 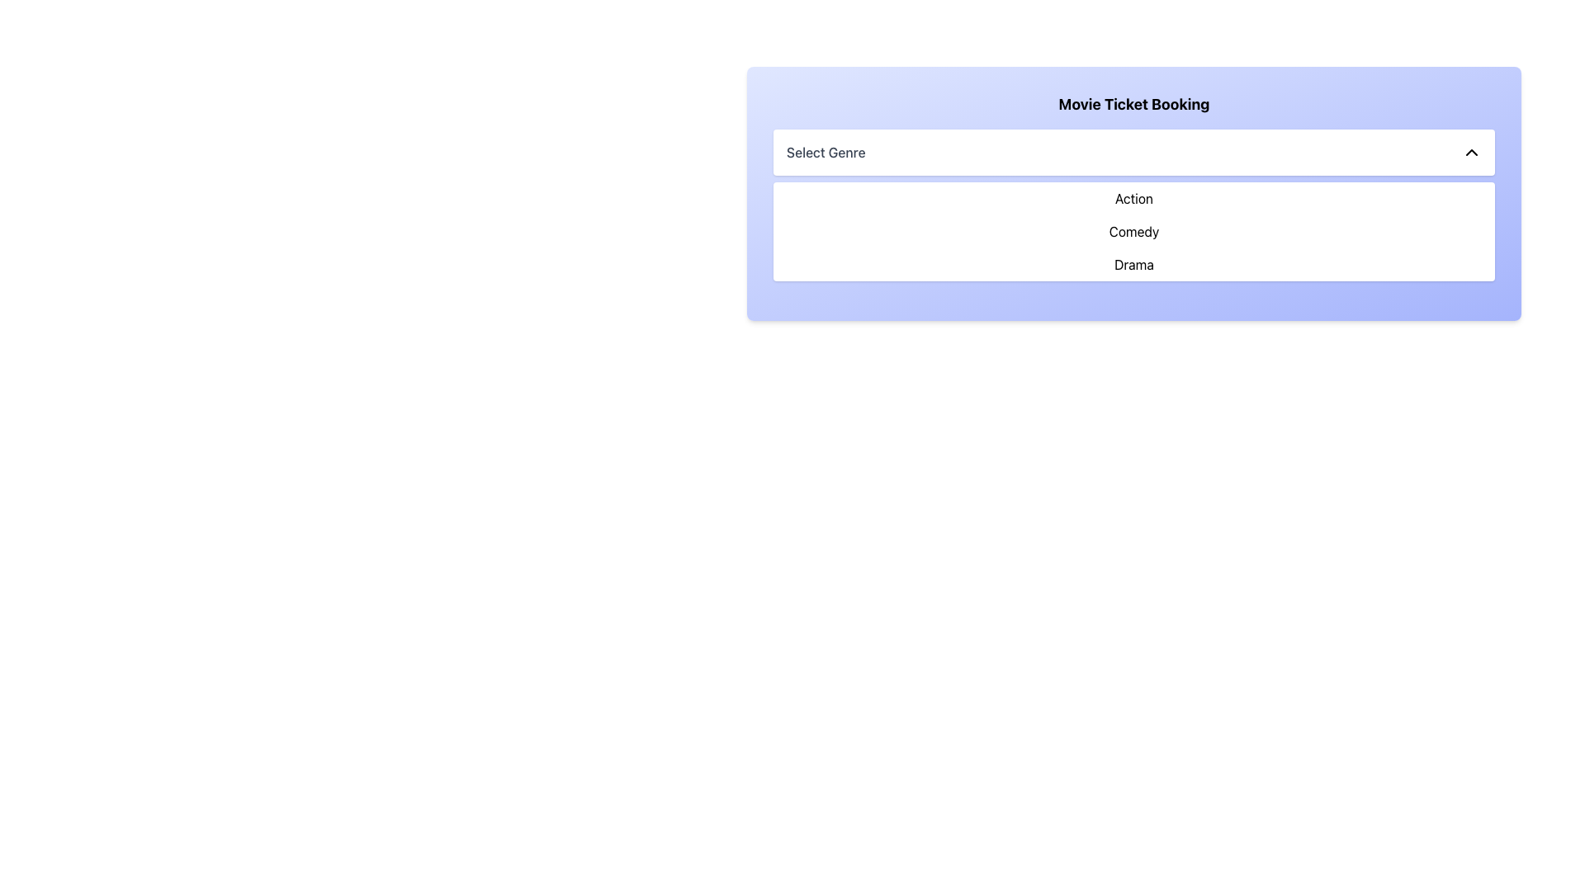 What do you see at coordinates (1133, 232) in the screenshot?
I see `the second item in the 'Select Genre' dropdown list, which is labeled 'Comedy', to activate hover effects` at bounding box center [1133, 232].